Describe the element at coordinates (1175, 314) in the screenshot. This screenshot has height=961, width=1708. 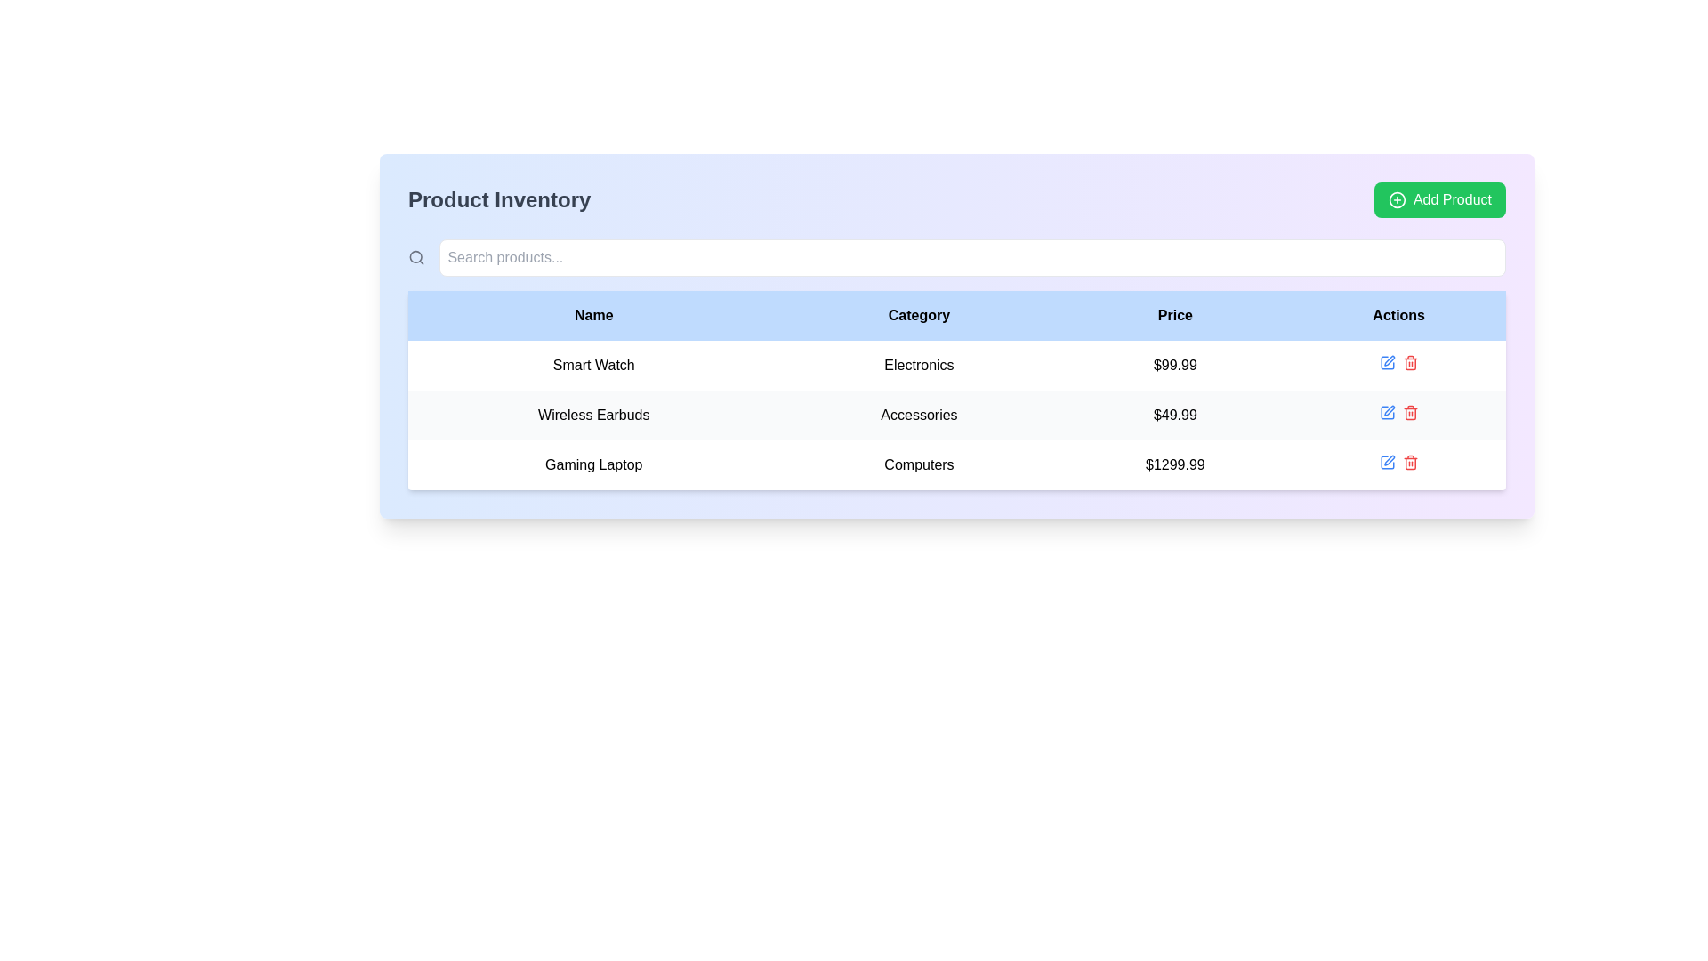
I see `the 'Price' text label, which is a rectangular section with a light blue background and bold, black font, centrally positioned within the third column header of the grid interface` at that location.